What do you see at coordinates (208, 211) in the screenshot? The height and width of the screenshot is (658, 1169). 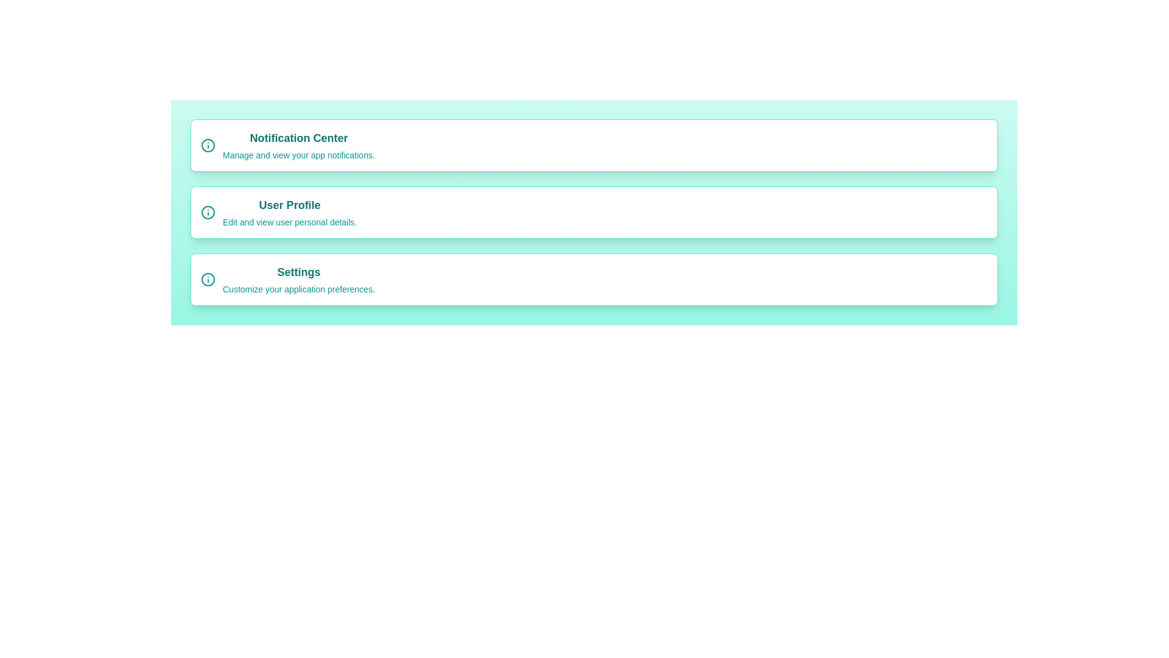 I see `the teal-colored circular icon with an 'i' inside, located to the left of the 'User Profile' title in a card-like section` at bounding box center [208, 211].